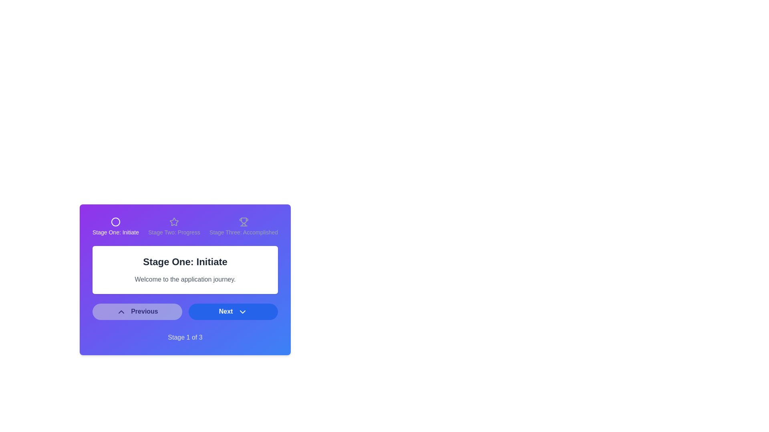 The image size is (769, 432). Describe the element at coordinates (115, 227) in the screenshot. I see `the Process stage indicator` at that location.